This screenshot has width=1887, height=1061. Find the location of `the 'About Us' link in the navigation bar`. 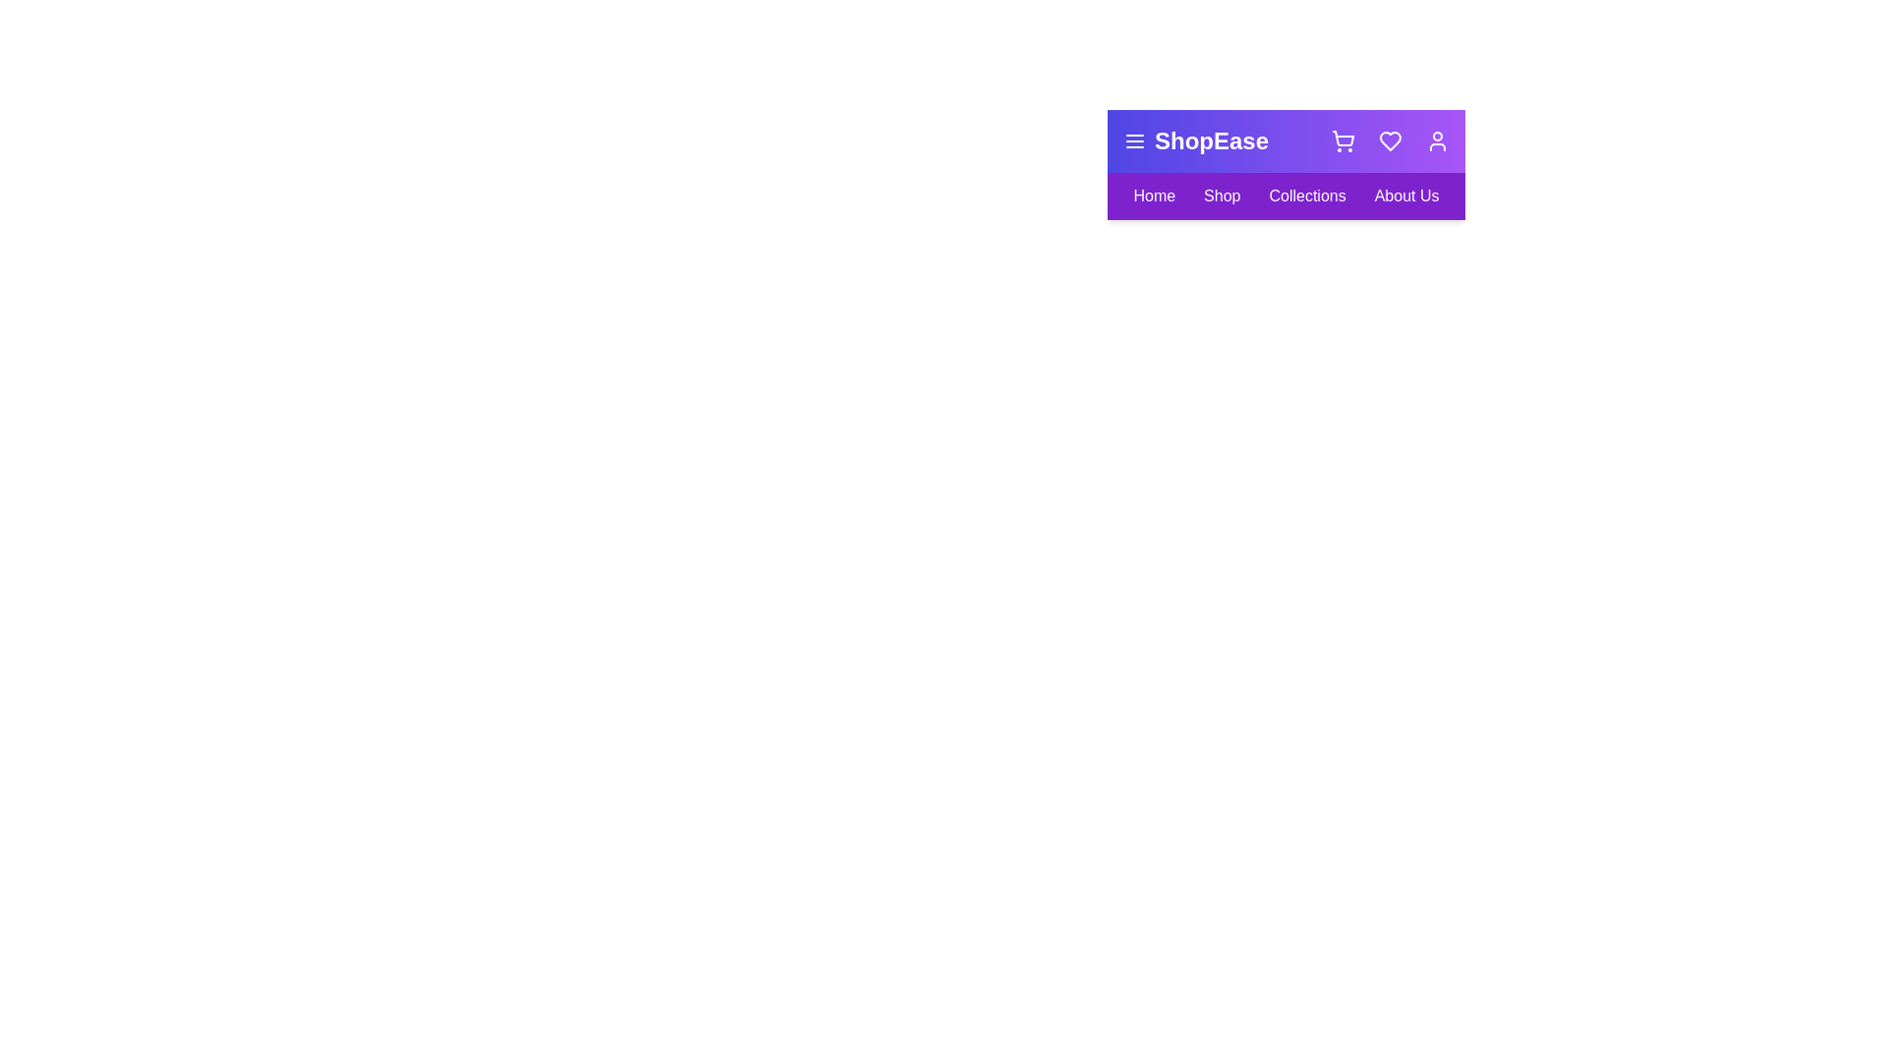

the 'About Us' link in the navigation bar is located at coordinates (1405, 196).